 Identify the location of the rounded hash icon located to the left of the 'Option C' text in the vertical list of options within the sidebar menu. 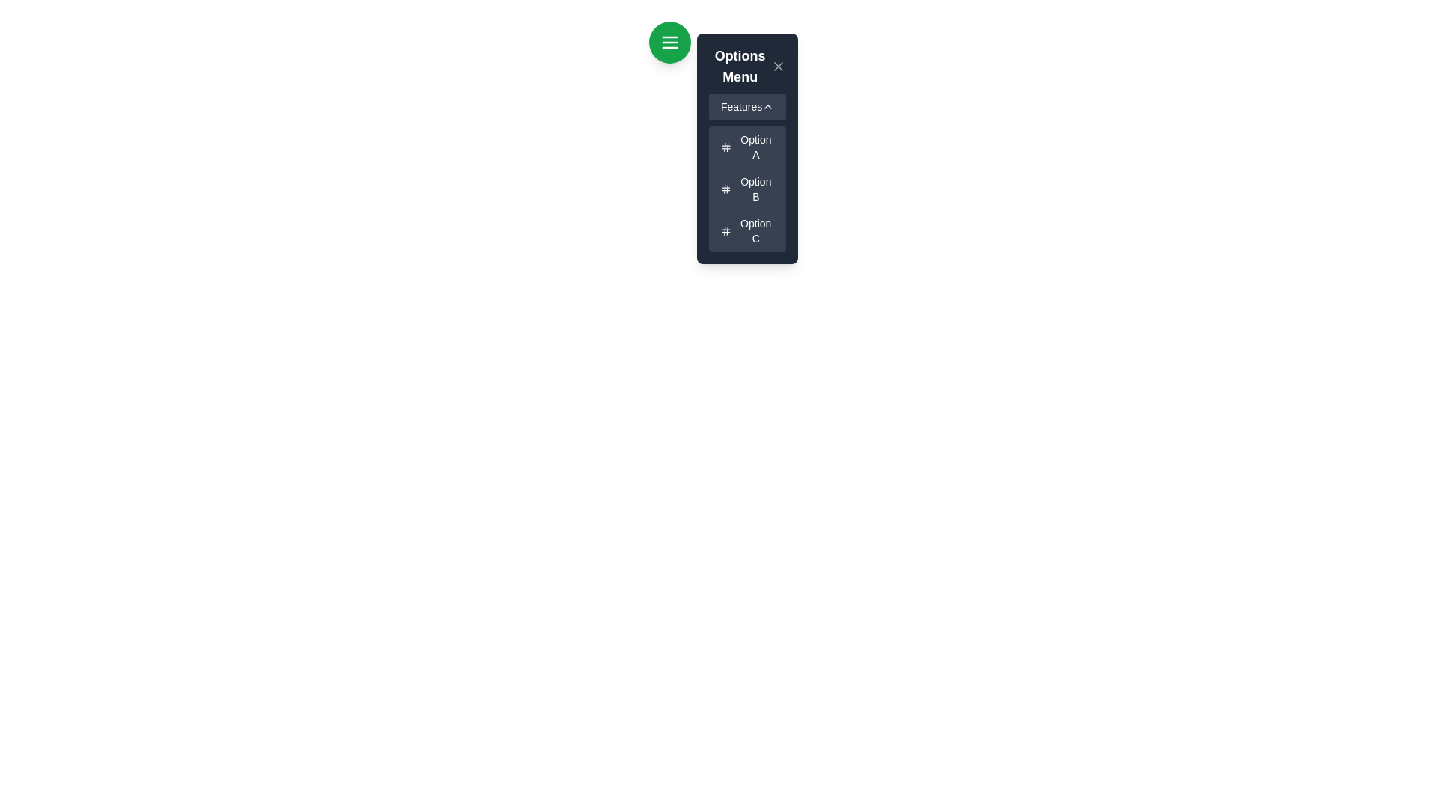
(726, 230).